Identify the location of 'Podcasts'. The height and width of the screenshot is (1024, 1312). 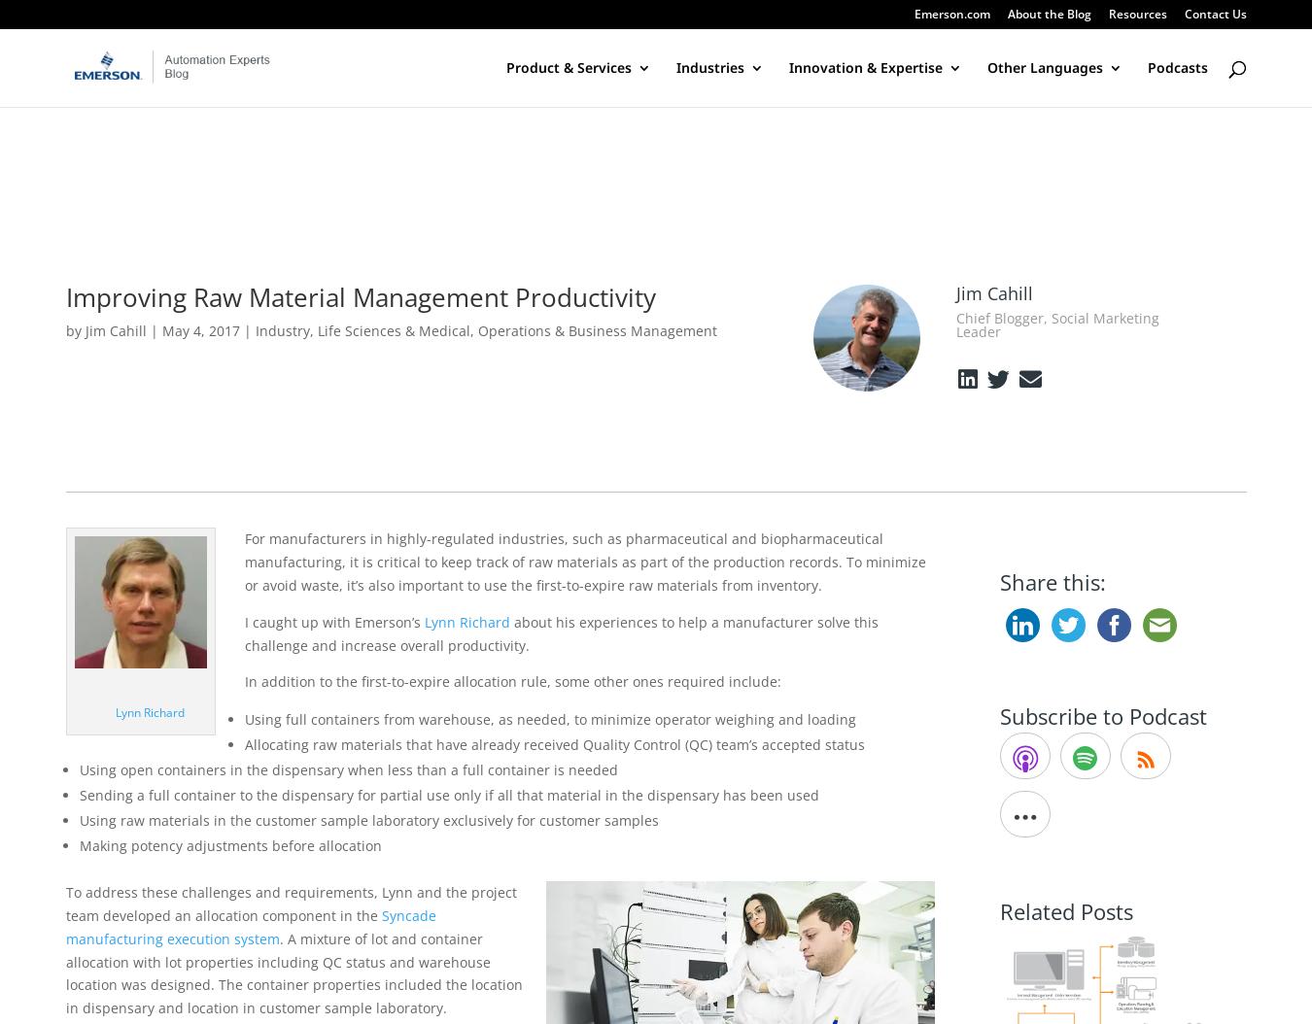
(1146, 66).